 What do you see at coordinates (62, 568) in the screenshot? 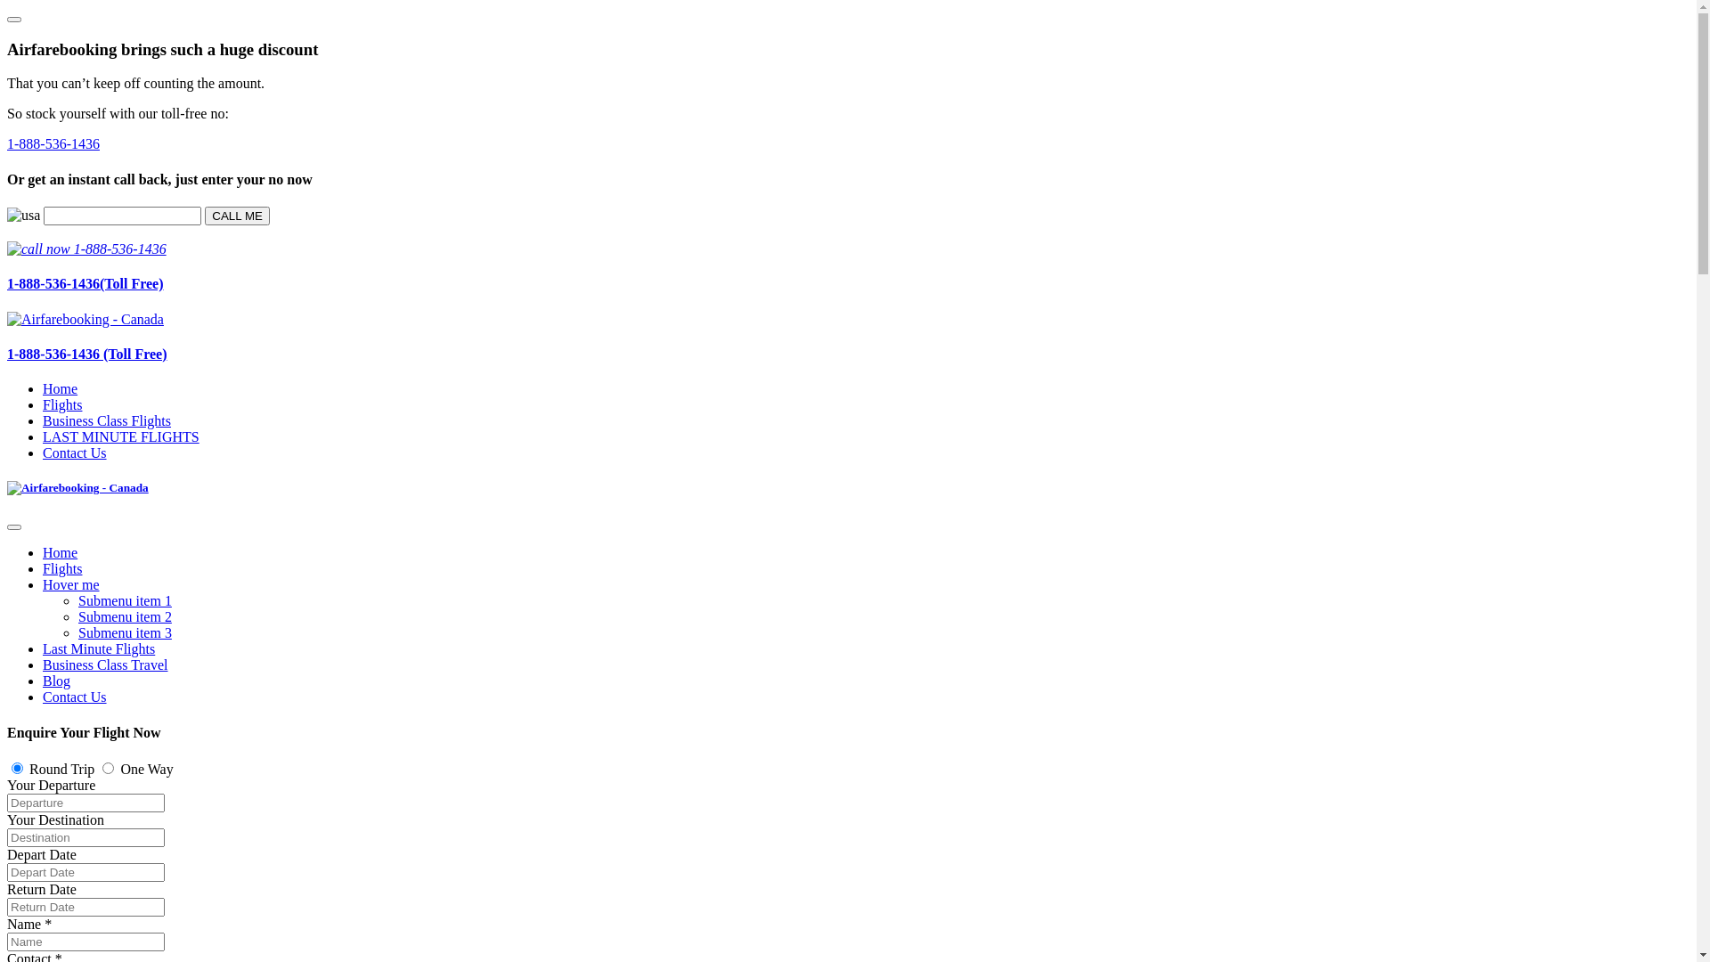
I see `'Flights'` at bounding box center [62, 568].